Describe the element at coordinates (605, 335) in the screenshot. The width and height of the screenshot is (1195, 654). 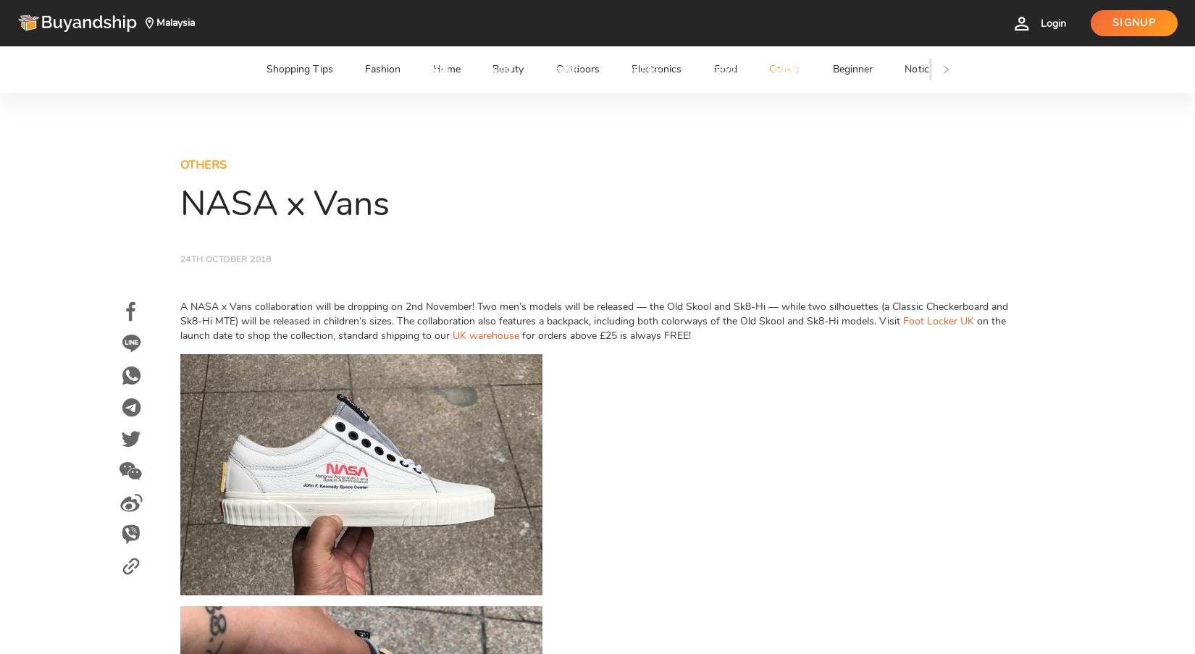
I see `'for orders above £25 is always FREE!'` at that location.